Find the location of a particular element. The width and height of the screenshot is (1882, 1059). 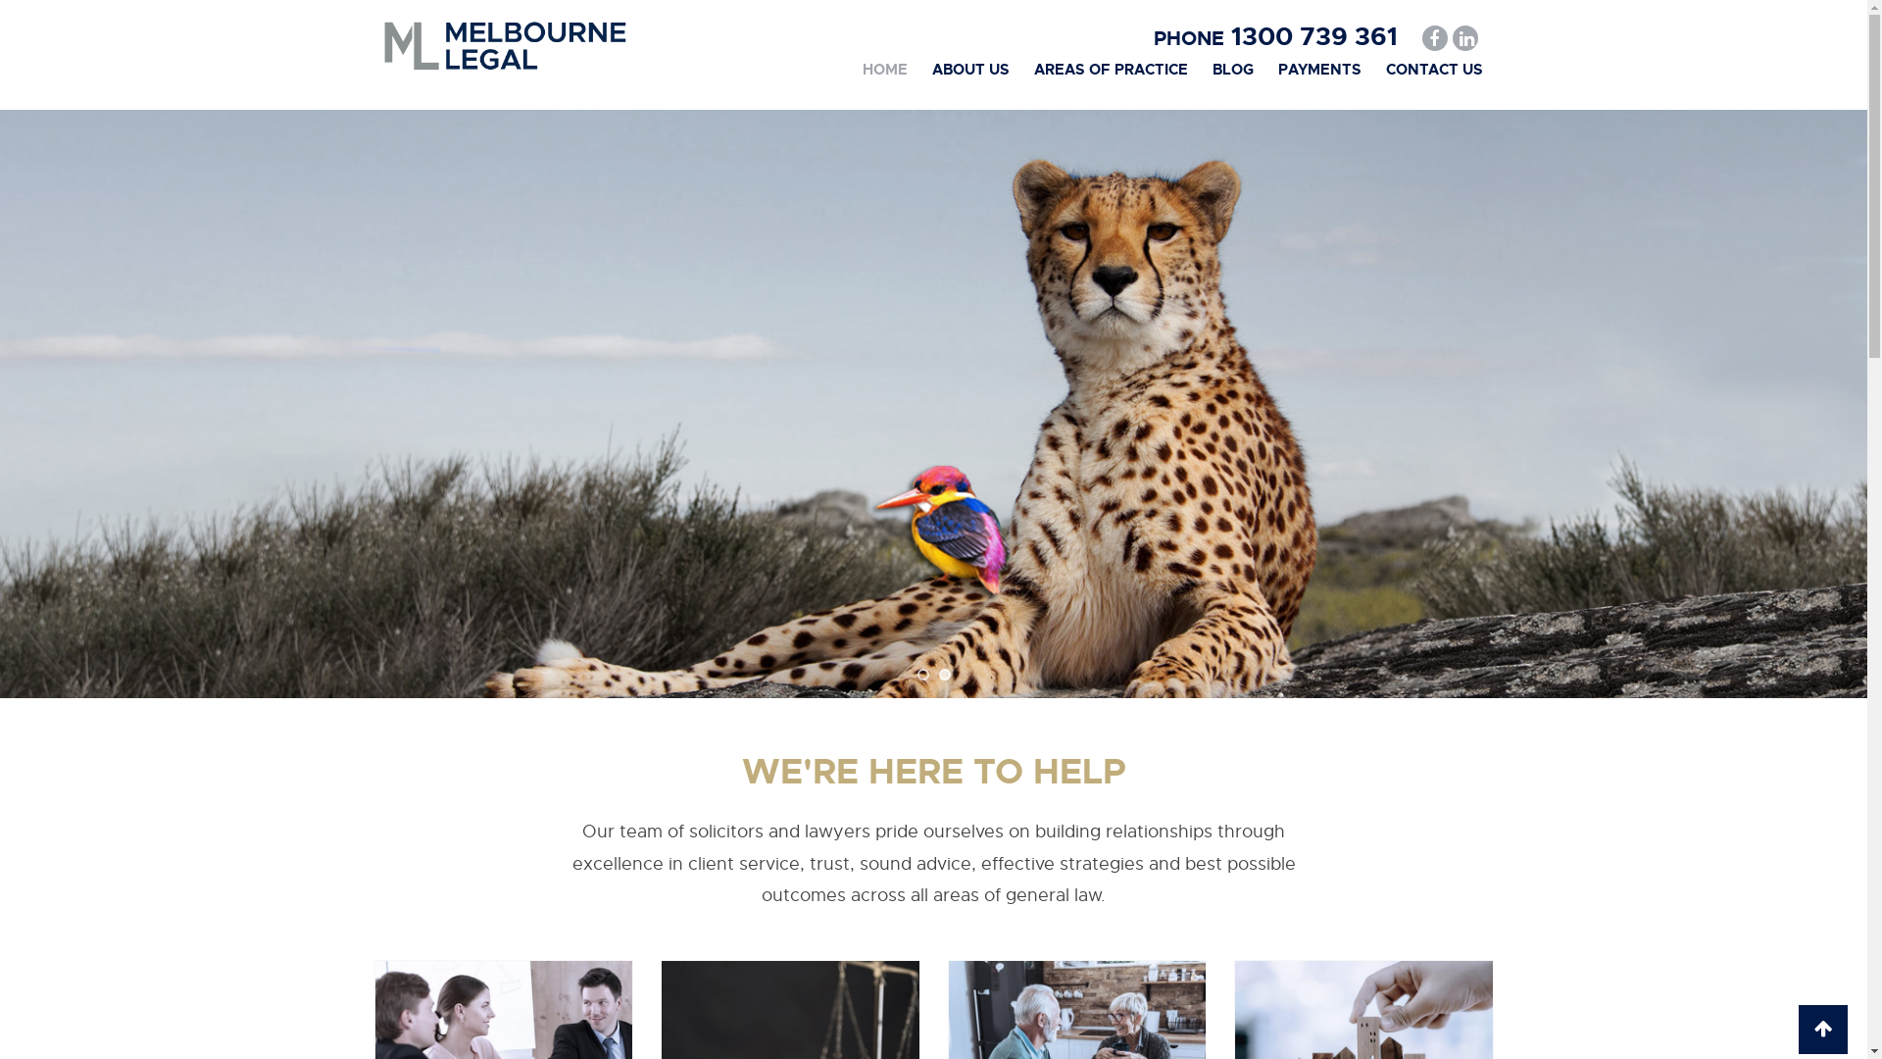

'ABOUT US' is located at coordinates (969, 68).